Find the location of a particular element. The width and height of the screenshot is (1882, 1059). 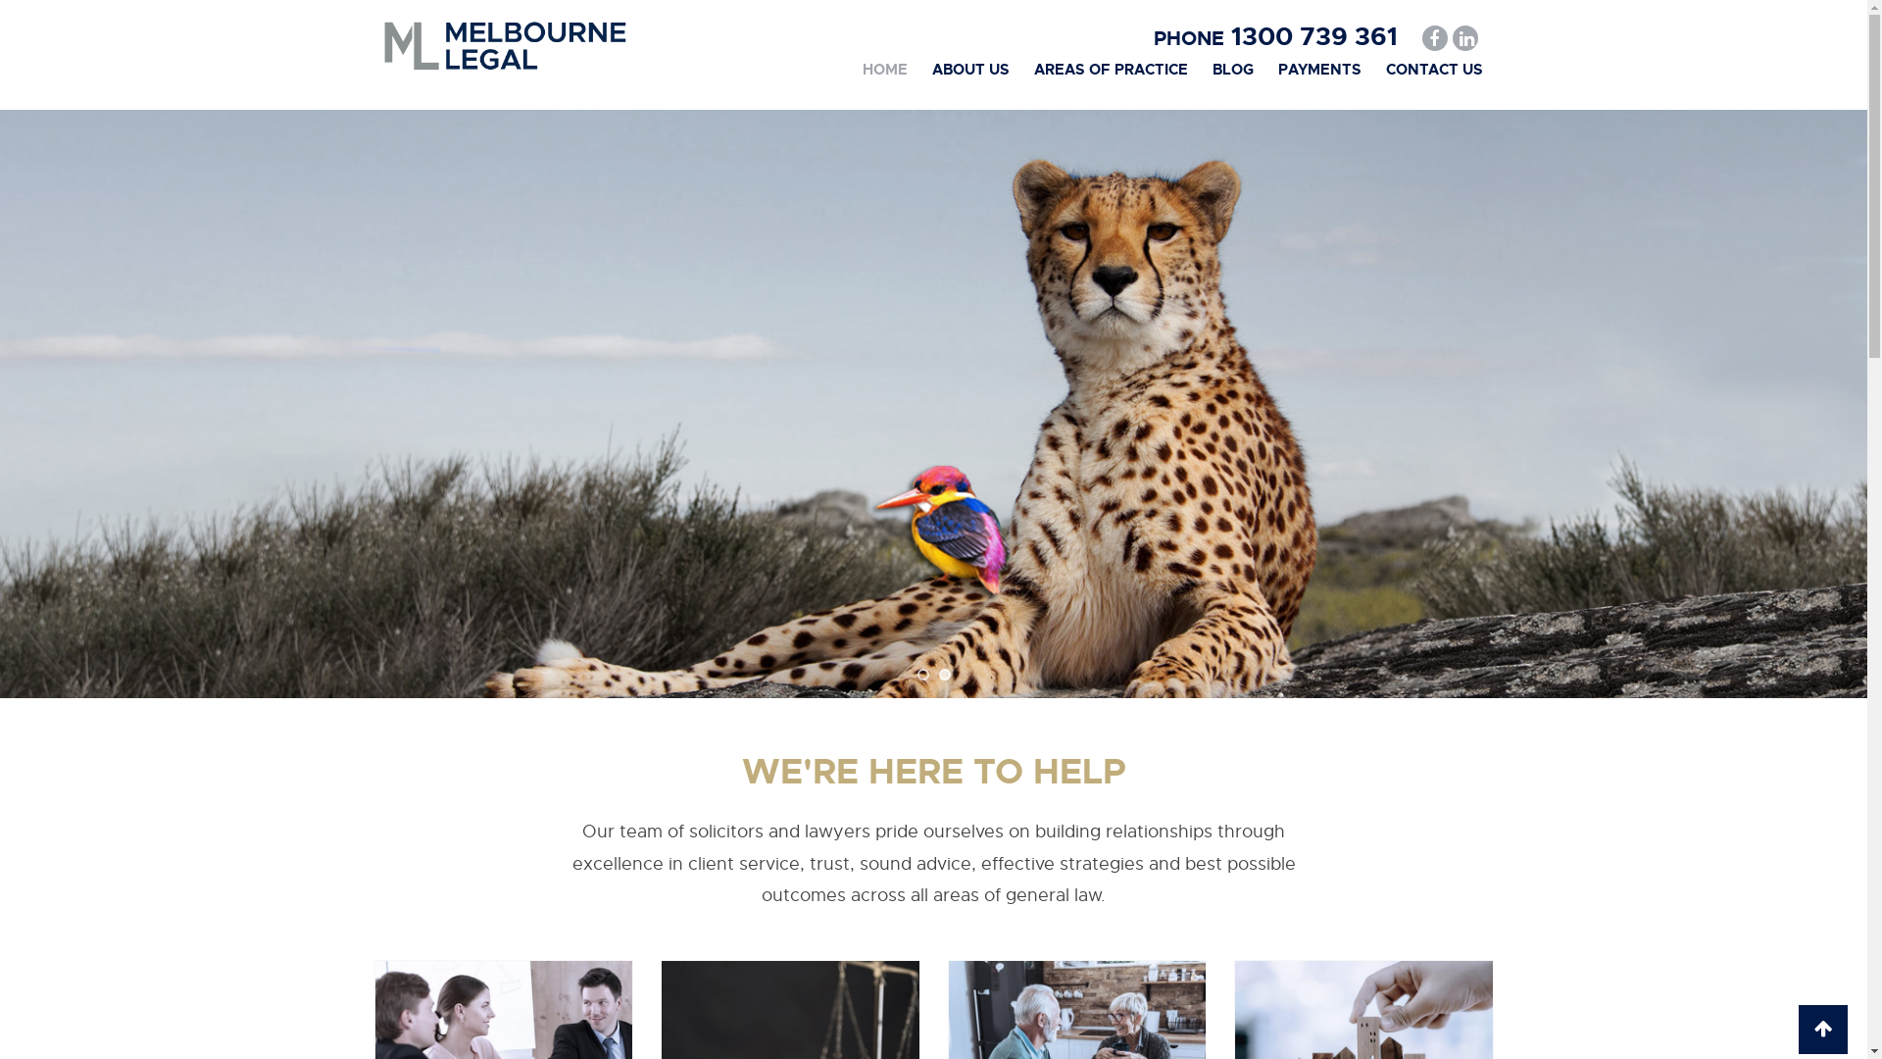

'ABOUT US' is located at coordinates (969, 68).